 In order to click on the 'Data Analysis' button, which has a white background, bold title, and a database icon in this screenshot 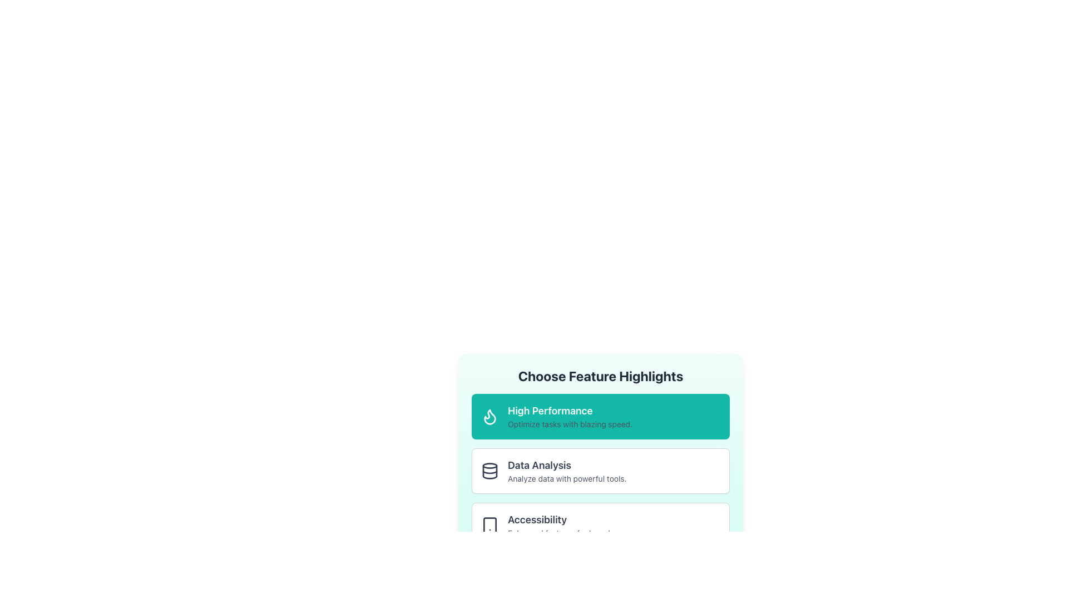, I will do `click(600, 471)`.